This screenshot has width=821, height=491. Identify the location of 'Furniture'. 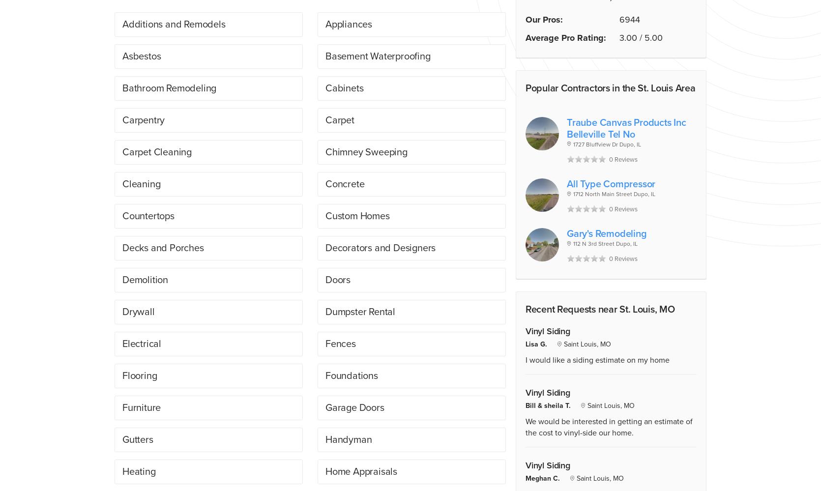
(141, 407).